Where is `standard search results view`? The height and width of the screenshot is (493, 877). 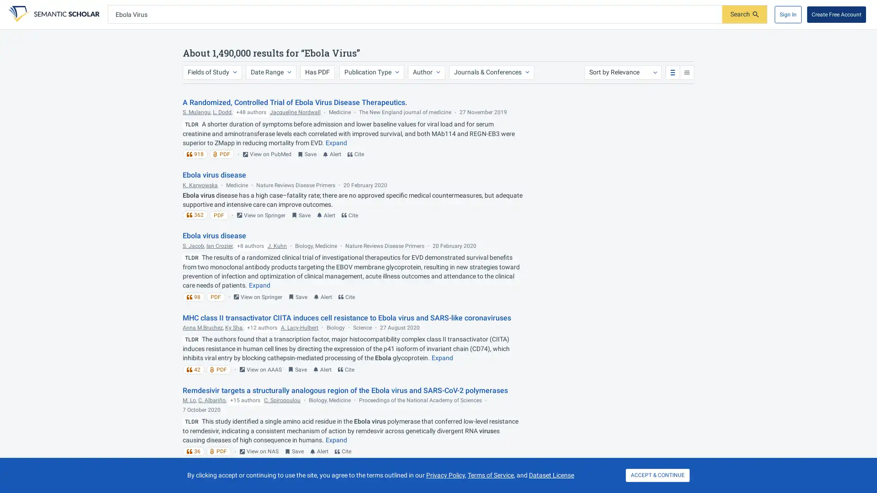 standard search results view is located at coordinates (673, 72).